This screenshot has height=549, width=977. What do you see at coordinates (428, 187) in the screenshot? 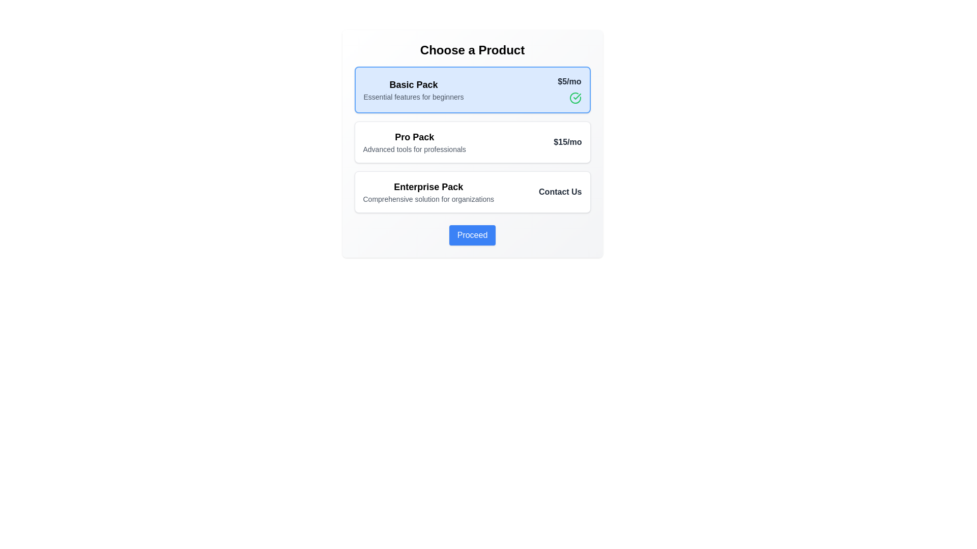
I see `the text label that identifies the 'Enterprise Pack' product option, which is positioned slightly left within its section, between the 'Pro Pack' and 'Proceed' button` at bounding box center [428, 187].